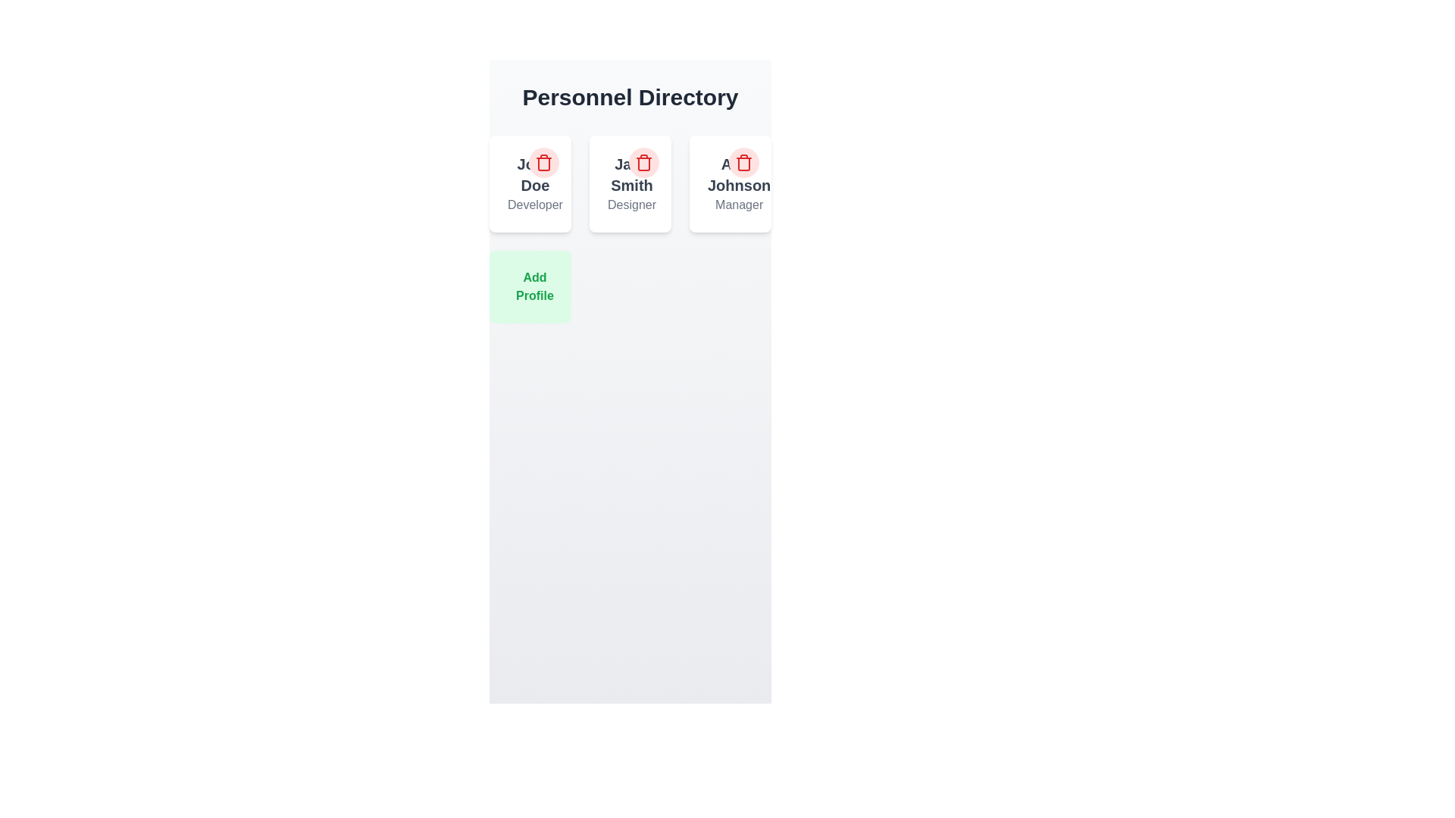 This screenshot has height=818, width=1455. Describe the element at coordinates (544, 163) in the screenshot. I see `the vibrant red trash can icon located in the top-right corner of the personnel card labeled 'John Doe'` at that location.